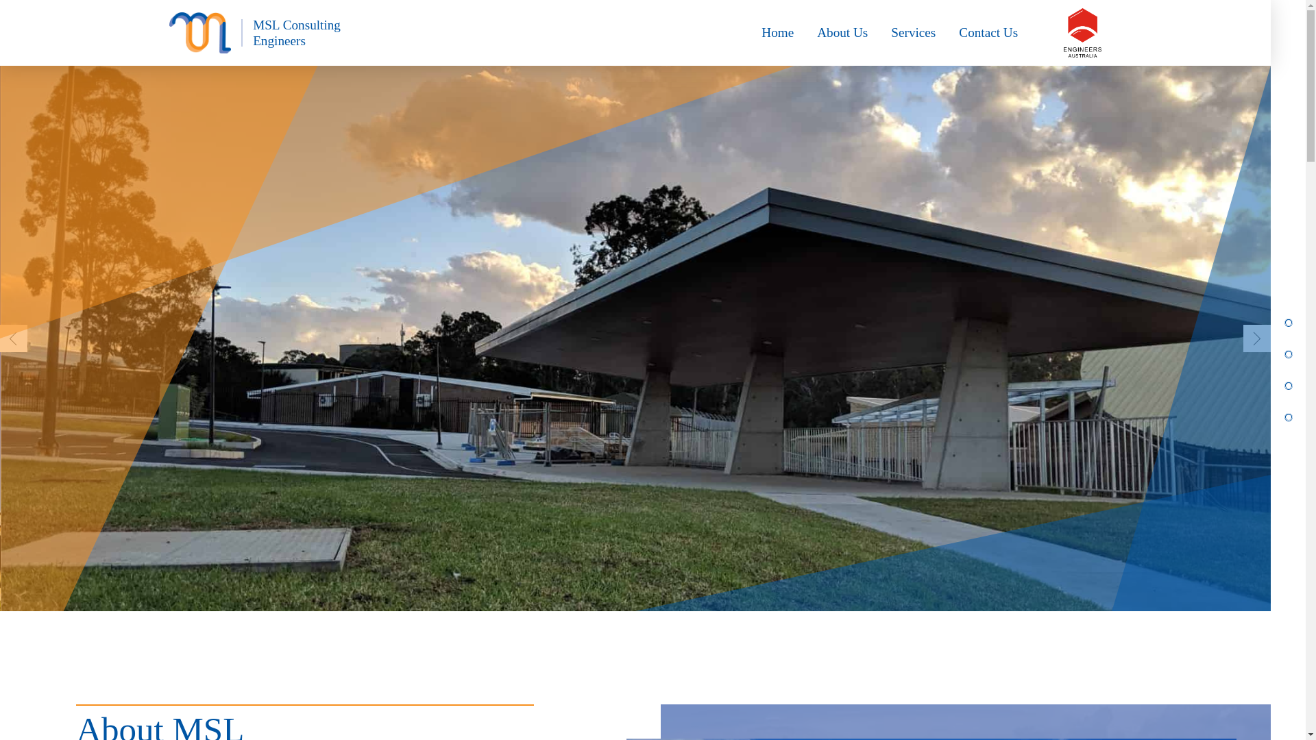  What do you see at coordinates (988, 32) in the screenshot?
I see `'Contact Us'` at bounding box center [988, 32].